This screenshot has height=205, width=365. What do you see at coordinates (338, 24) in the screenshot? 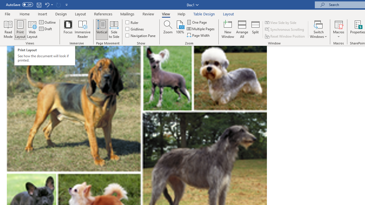
I see `'View Macros'` at bounding box center [338, 24].